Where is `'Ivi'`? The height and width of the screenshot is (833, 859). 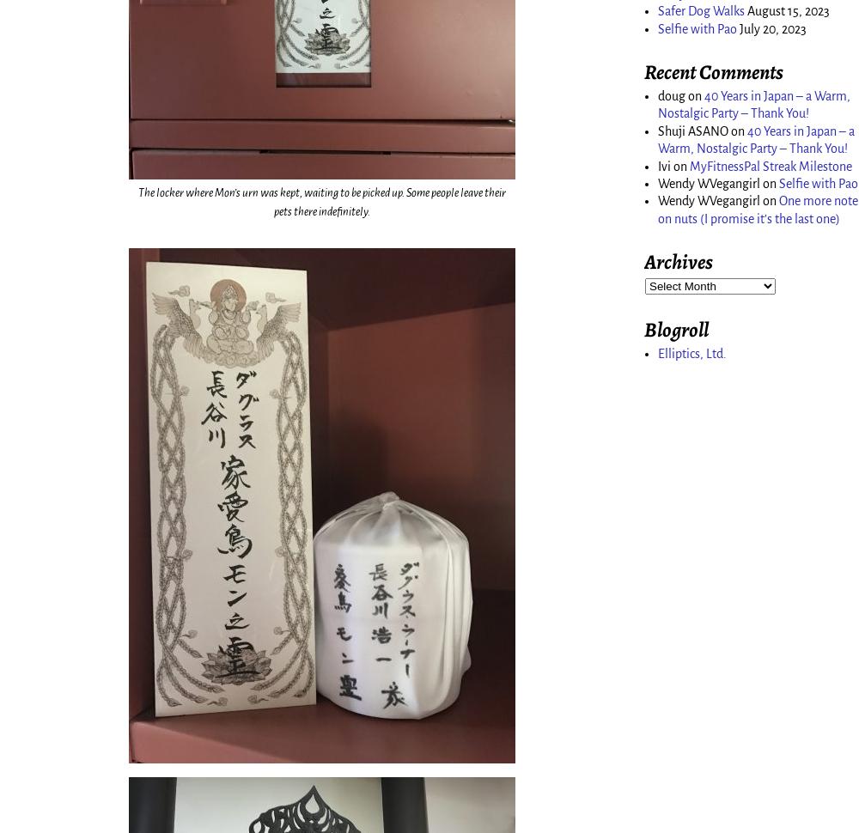 'Ivi' is located at coordinates (658, 165).